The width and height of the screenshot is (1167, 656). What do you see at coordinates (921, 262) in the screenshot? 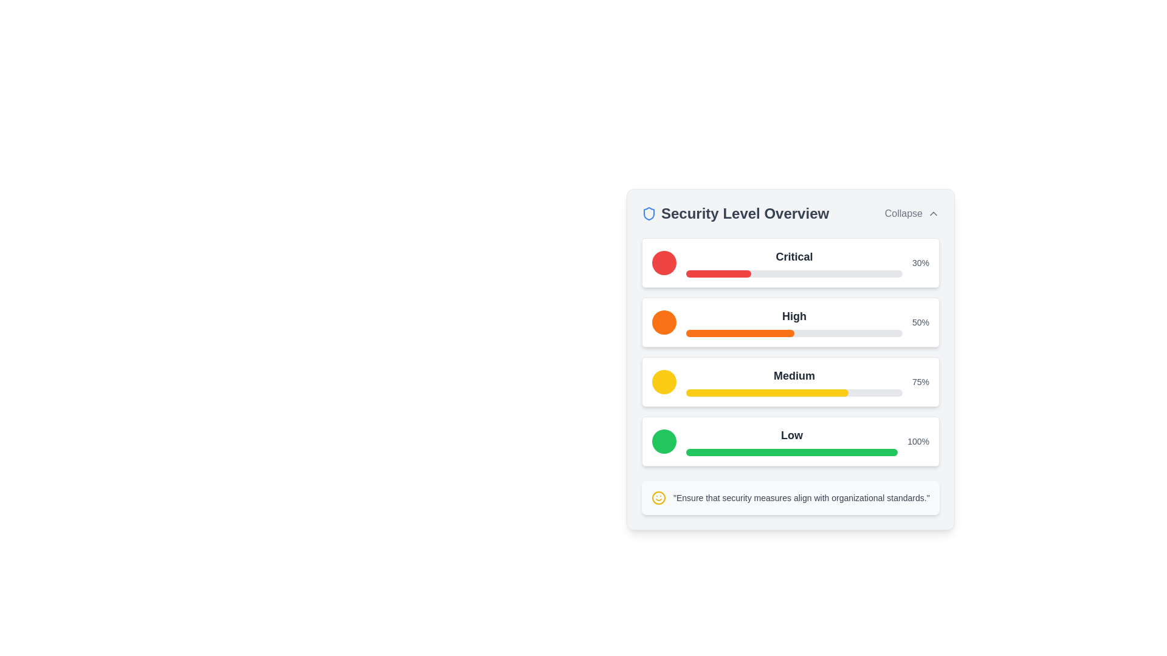
I see `the text label displaying '30%' which is located on the far right end of the 'Critical' security level section, immediately to the right of the corresponding progress bar` at bounding box center [921, 262].